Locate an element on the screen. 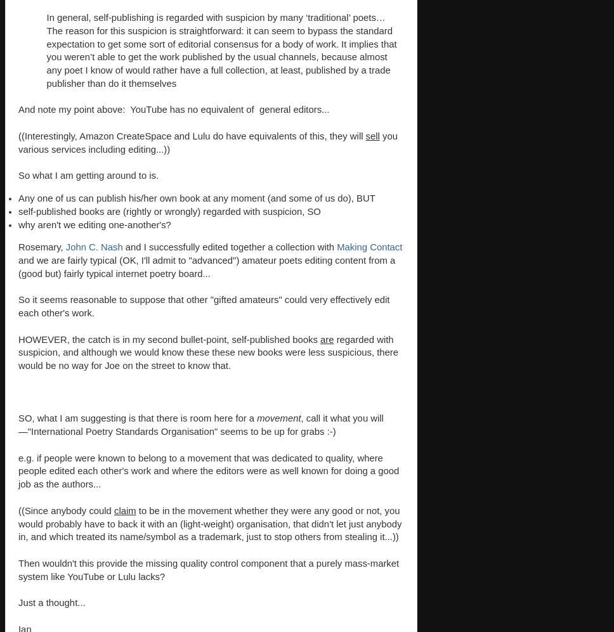 This screenshot has width=614, height=632. 'Just a thought...' is located at coordinates (51, 603).